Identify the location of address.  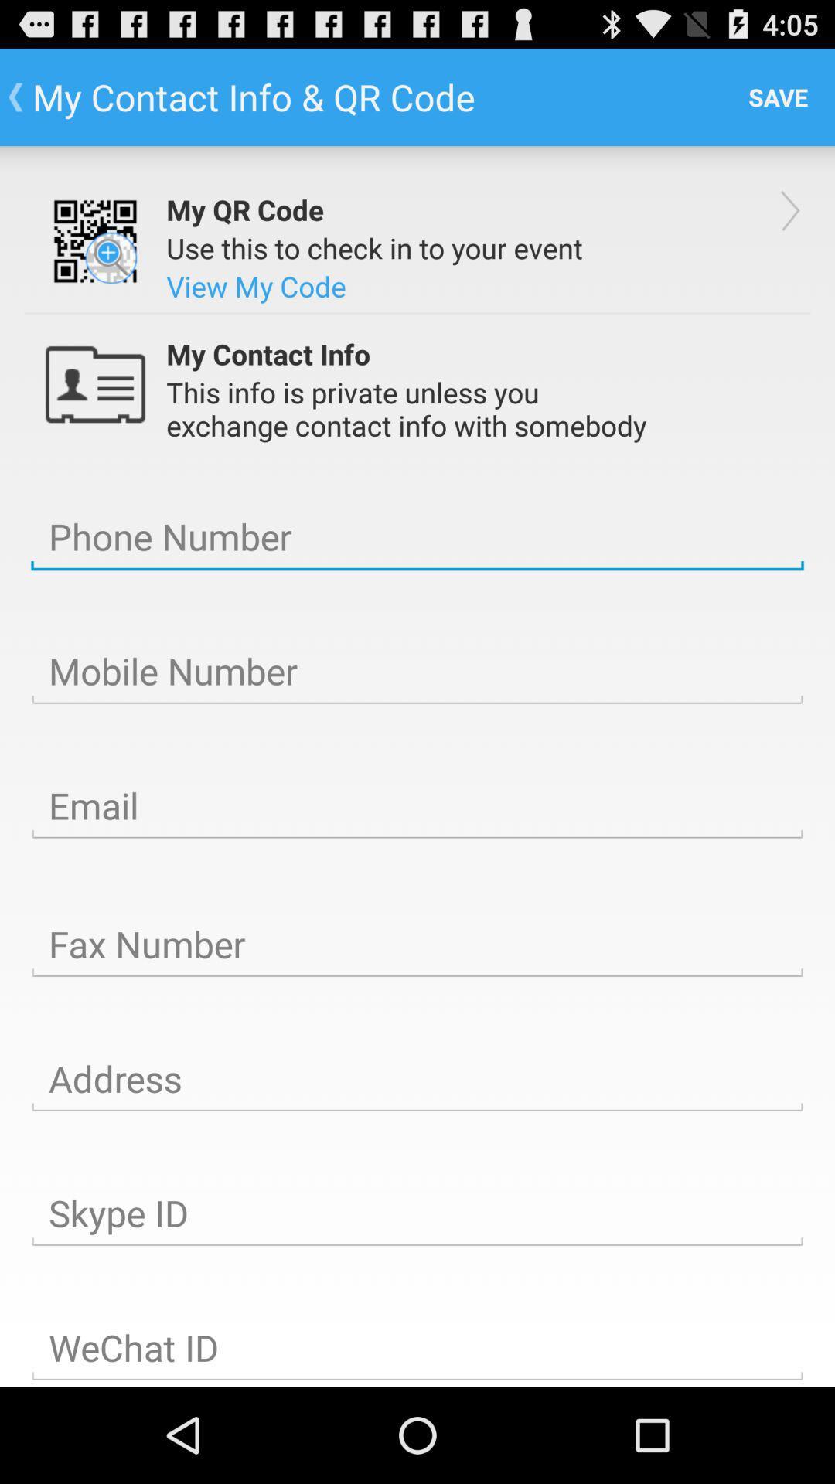
(417, 1078).